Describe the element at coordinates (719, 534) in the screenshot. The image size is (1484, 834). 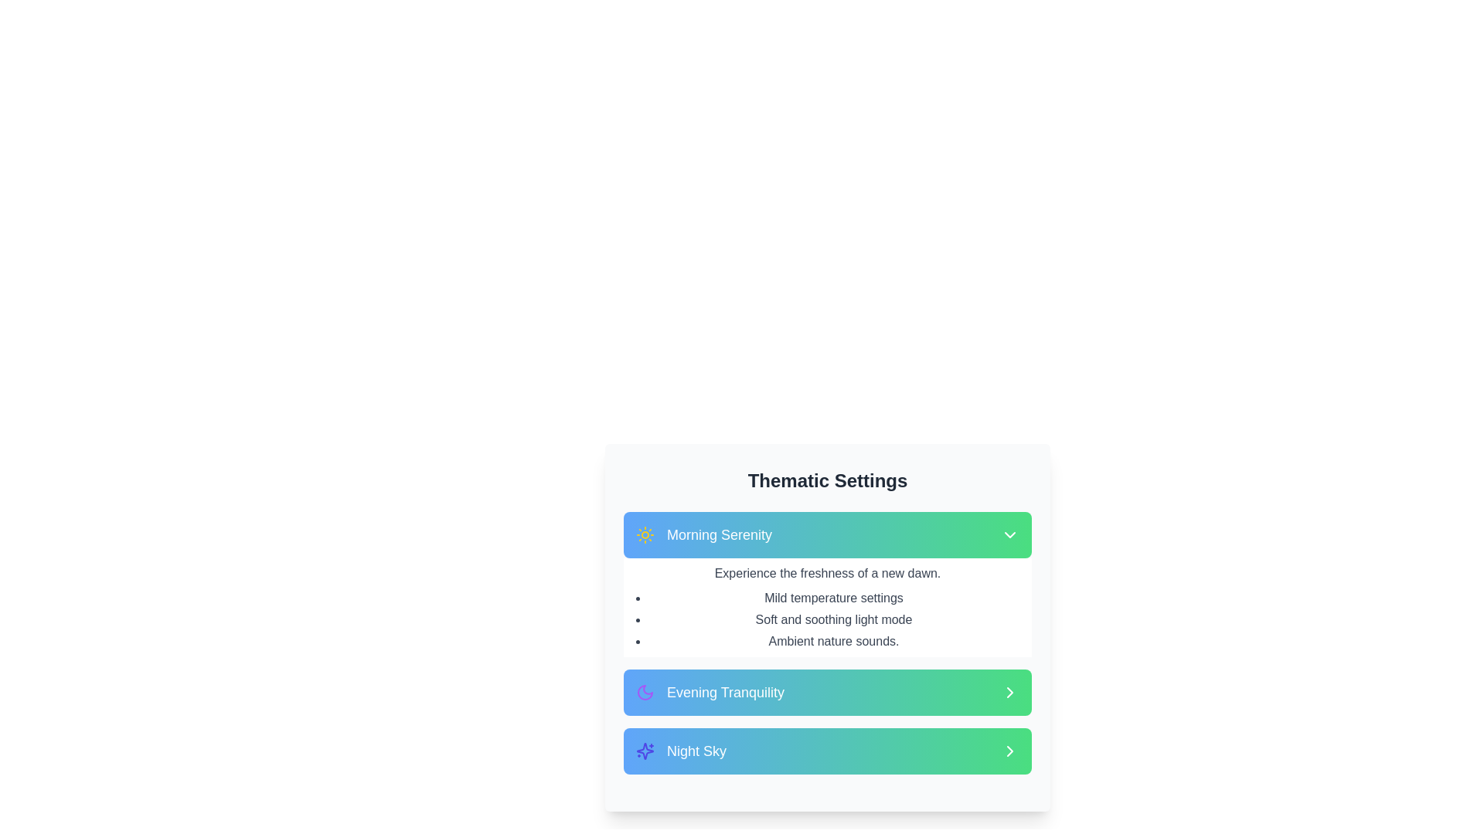
I see `'Morning Serenity' text label that identifies this theme within the Thematic Settings section for context` at that location.